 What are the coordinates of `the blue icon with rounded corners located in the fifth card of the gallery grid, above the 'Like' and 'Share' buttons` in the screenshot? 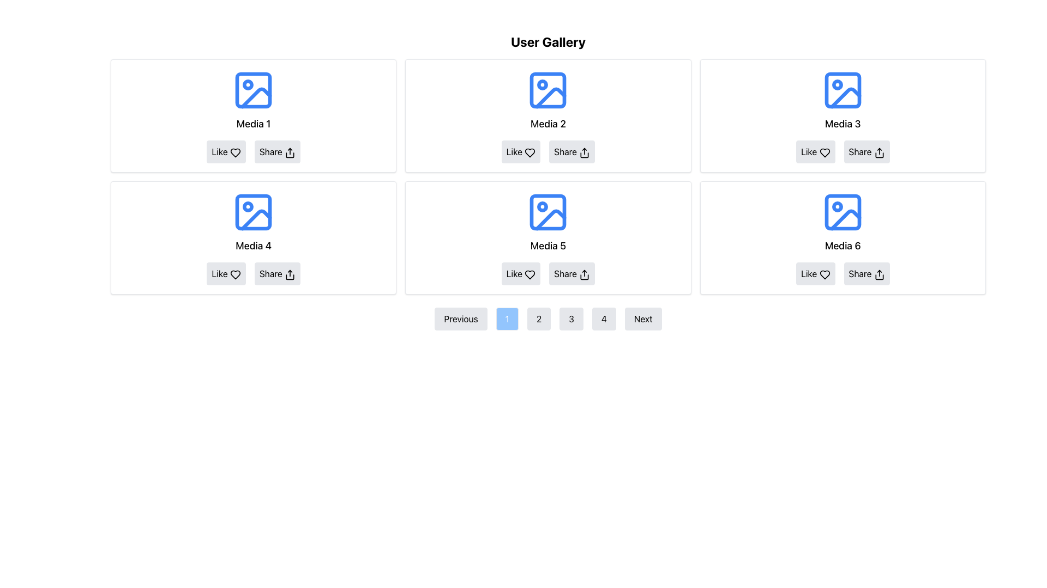 It's located at (548, 212).